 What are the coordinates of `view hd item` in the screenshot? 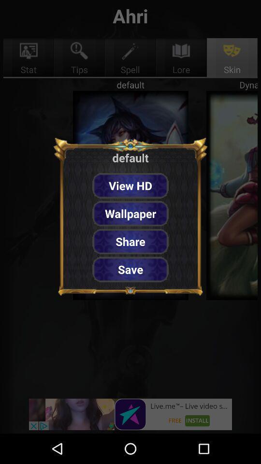 It's located at (130, 185).